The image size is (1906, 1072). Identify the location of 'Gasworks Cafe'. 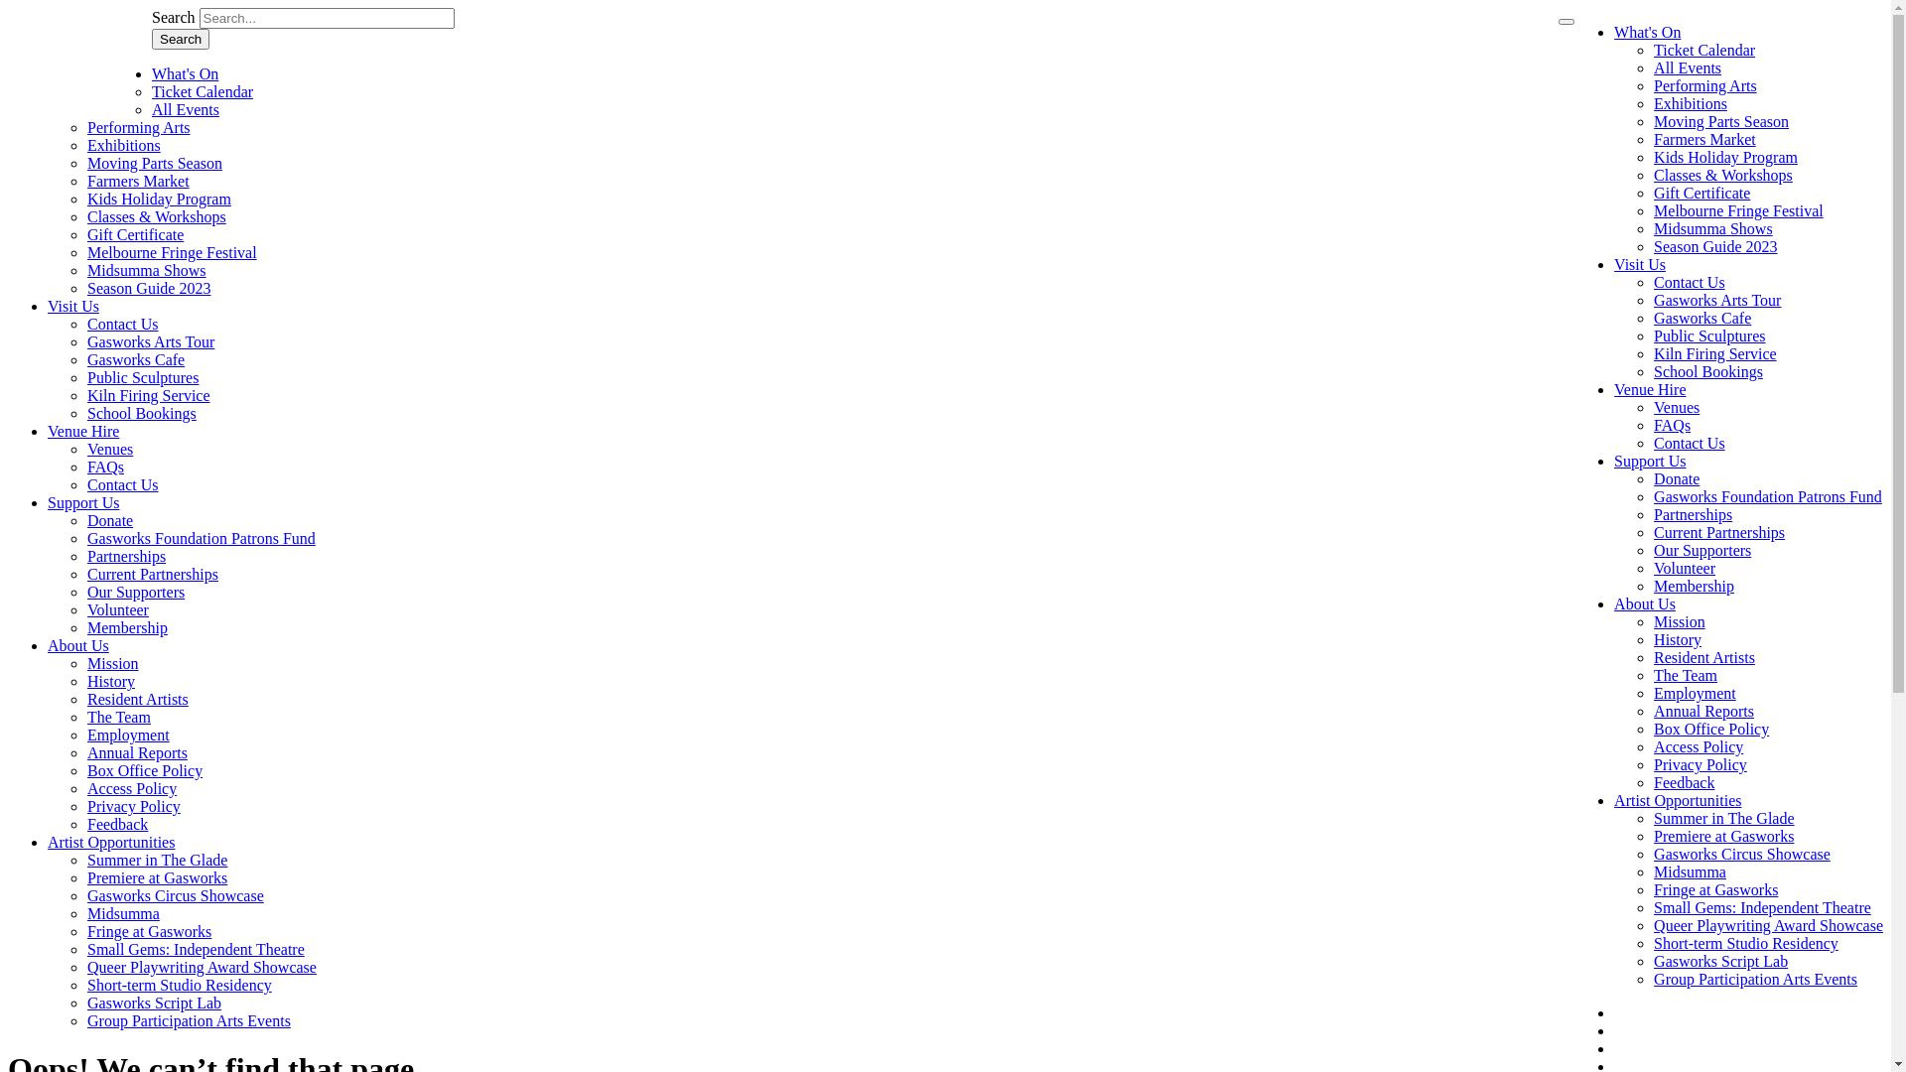
(85, 359).